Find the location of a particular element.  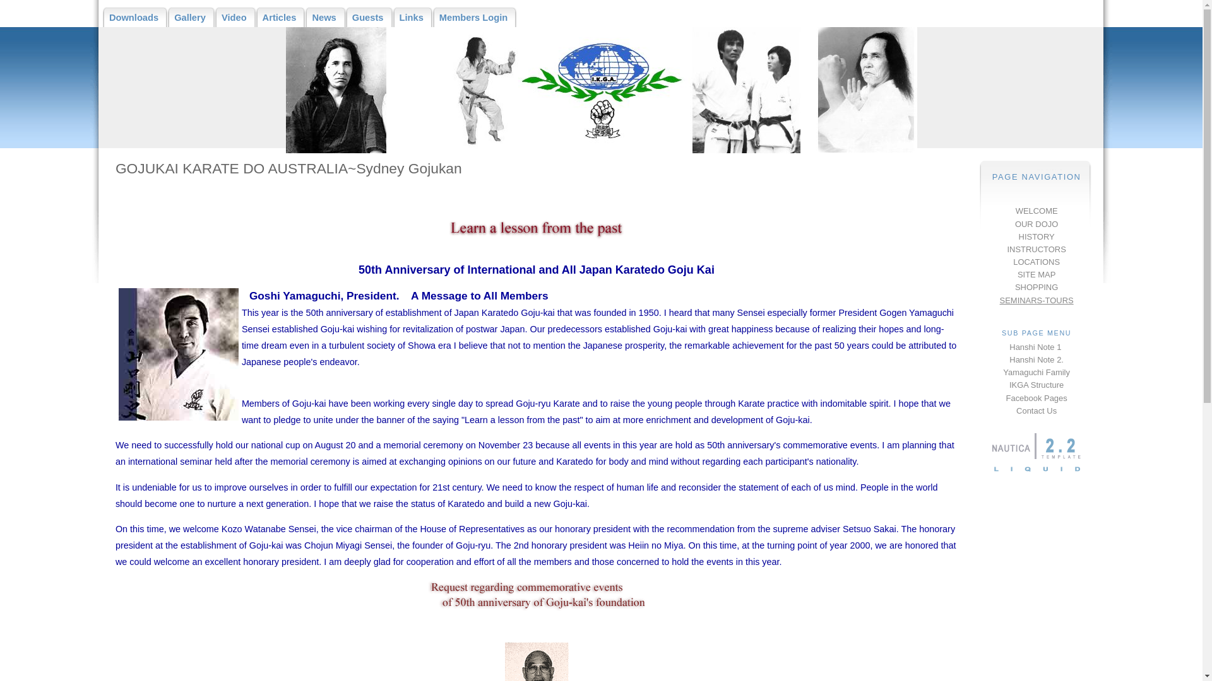

'Members Login' is located at coordinates (474, 17).